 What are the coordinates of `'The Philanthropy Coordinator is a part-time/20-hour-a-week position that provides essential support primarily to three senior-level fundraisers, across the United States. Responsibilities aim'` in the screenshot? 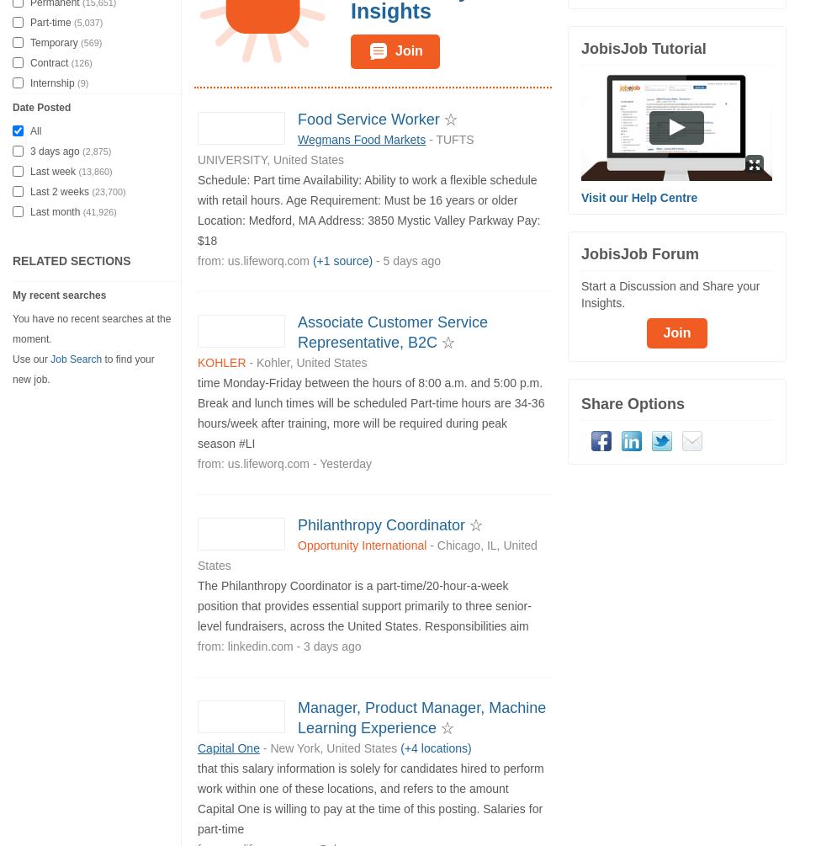 It's located at (198, 604).